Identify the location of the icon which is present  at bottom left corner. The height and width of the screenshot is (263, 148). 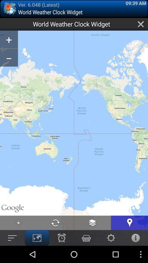
(12, 238).